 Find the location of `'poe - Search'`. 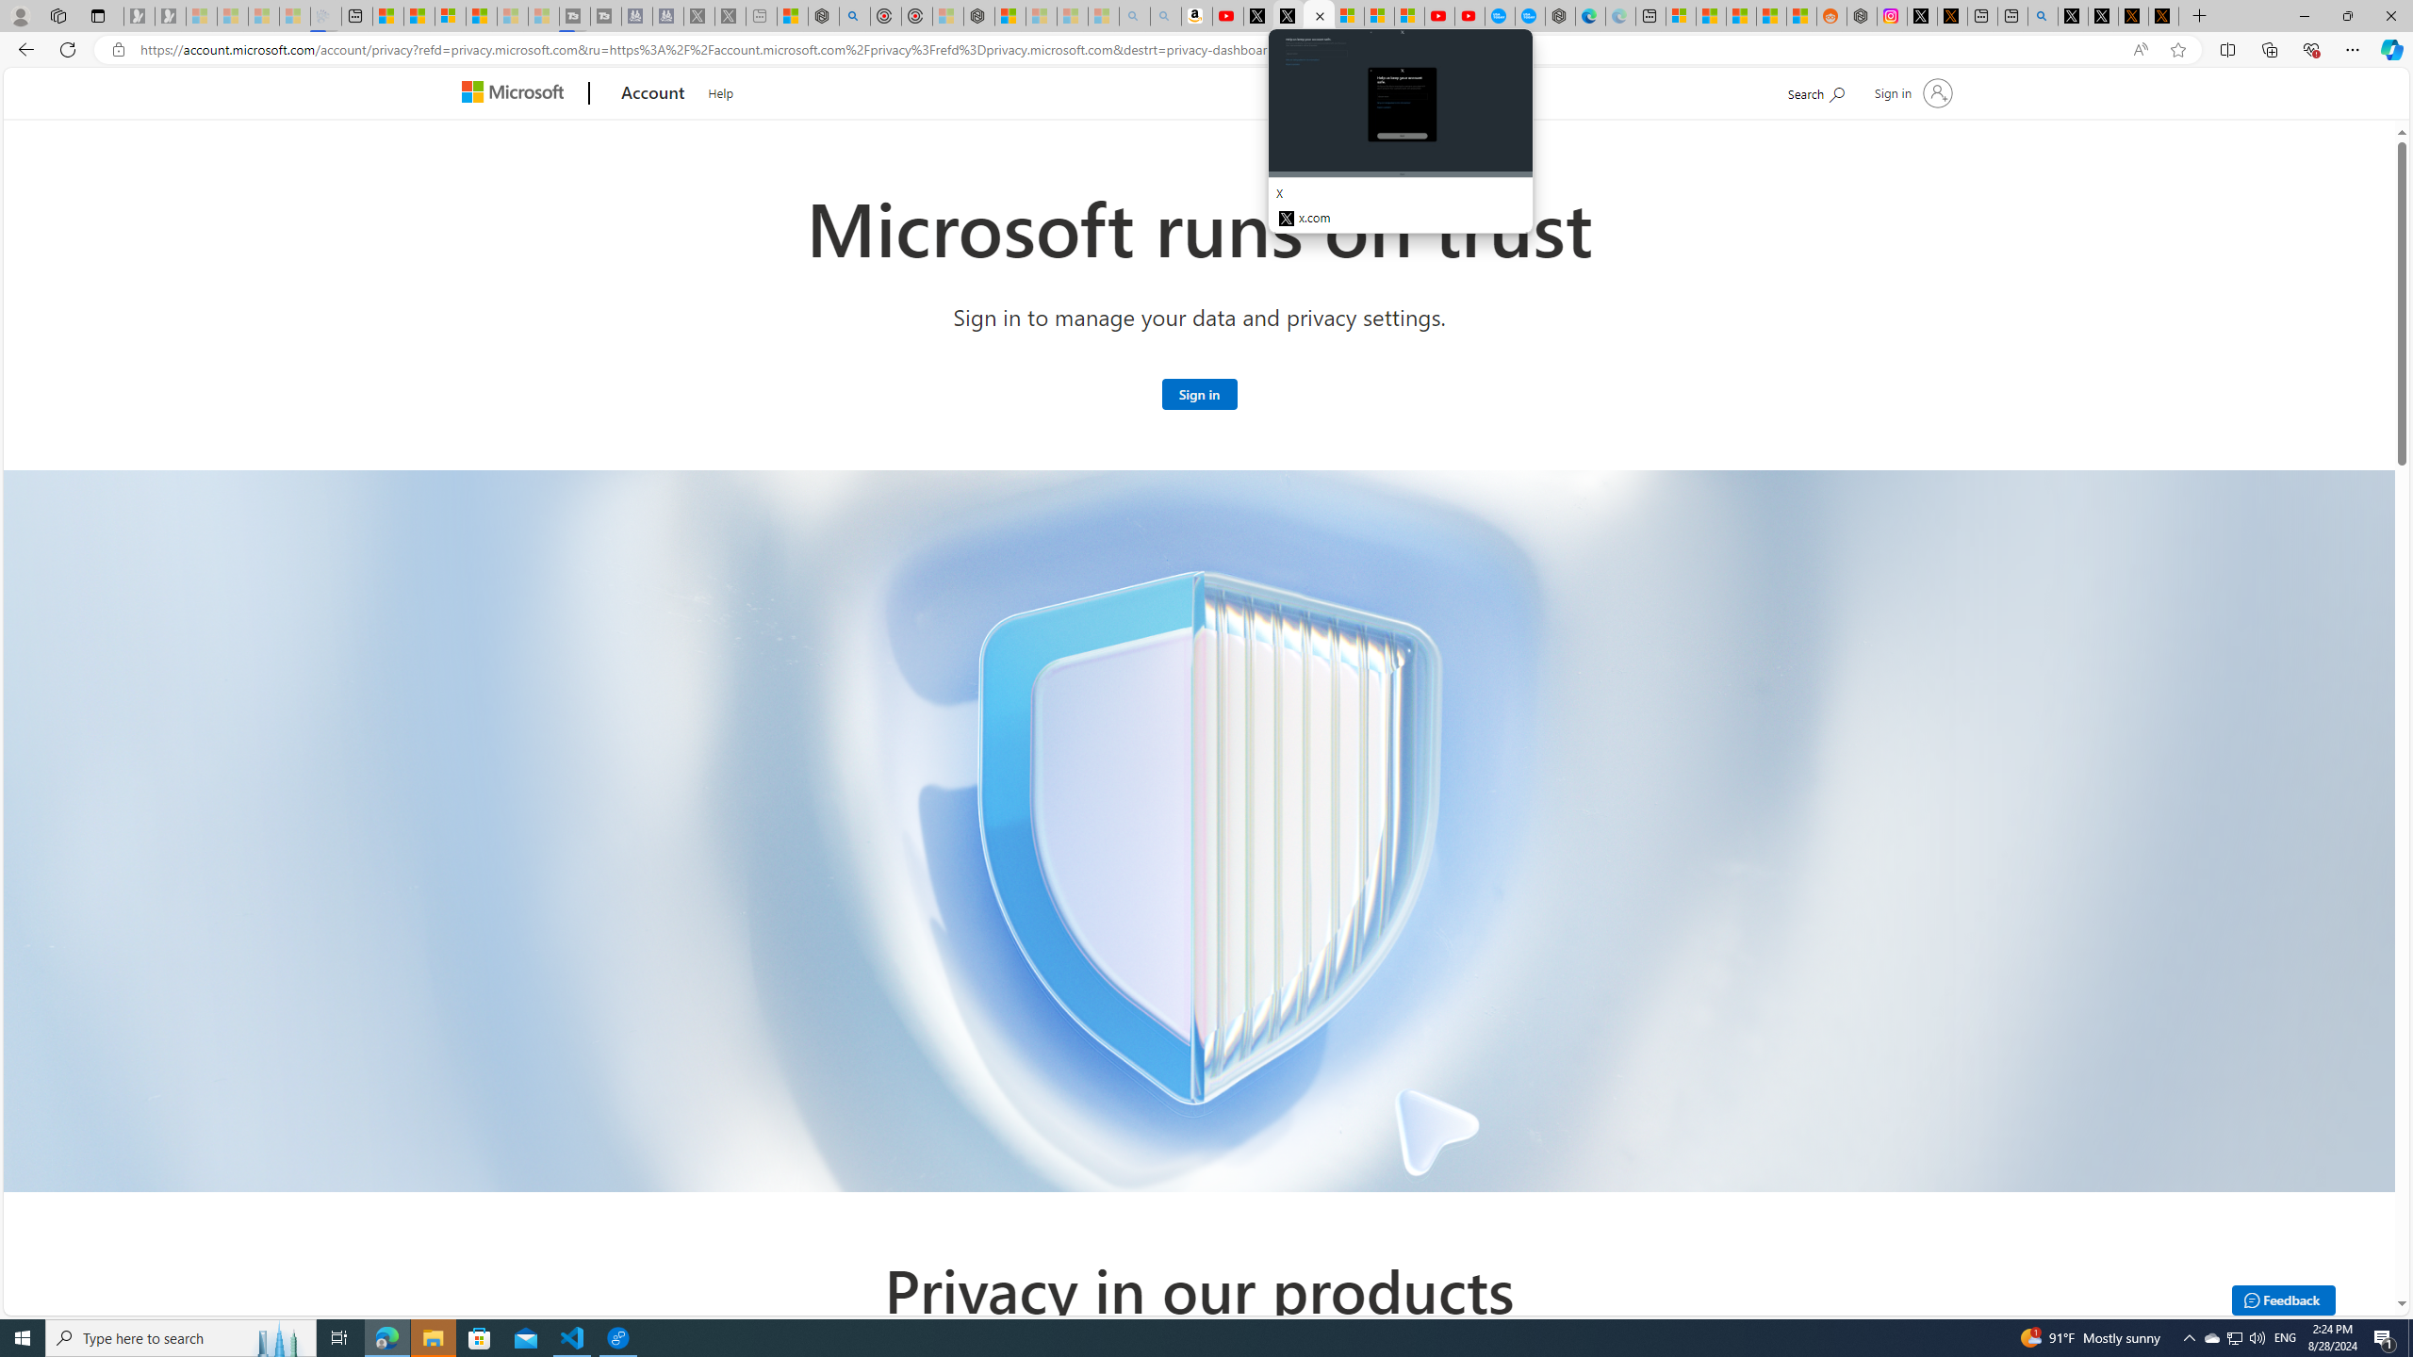

'poe - Search' is located at coordinates (854, 15).